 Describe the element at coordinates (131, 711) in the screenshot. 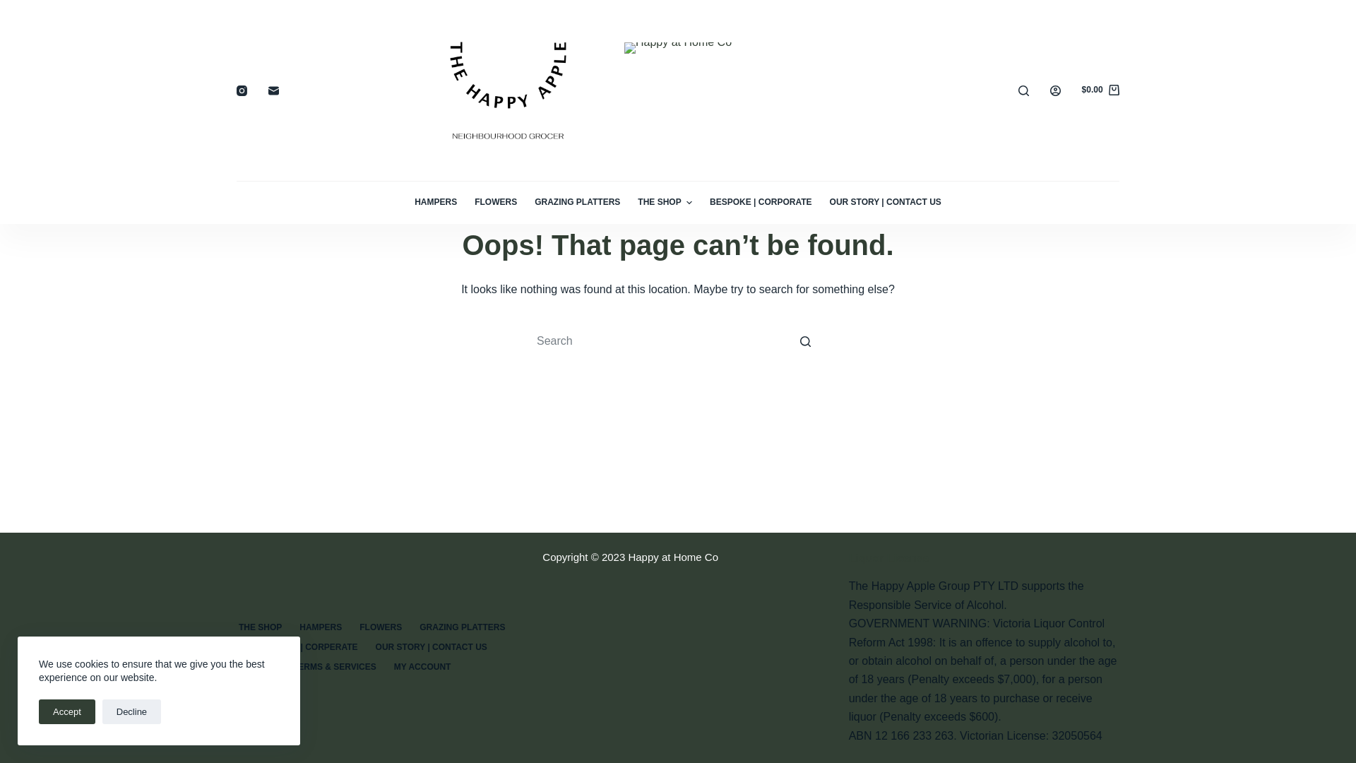

I see `'Decline'` at that location.